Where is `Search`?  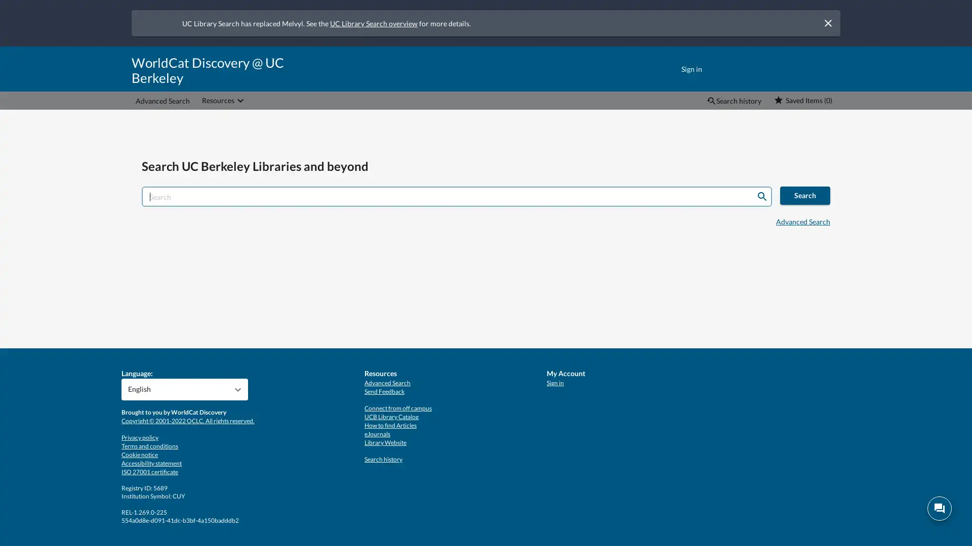
Search is located at coordinates (804, 195).